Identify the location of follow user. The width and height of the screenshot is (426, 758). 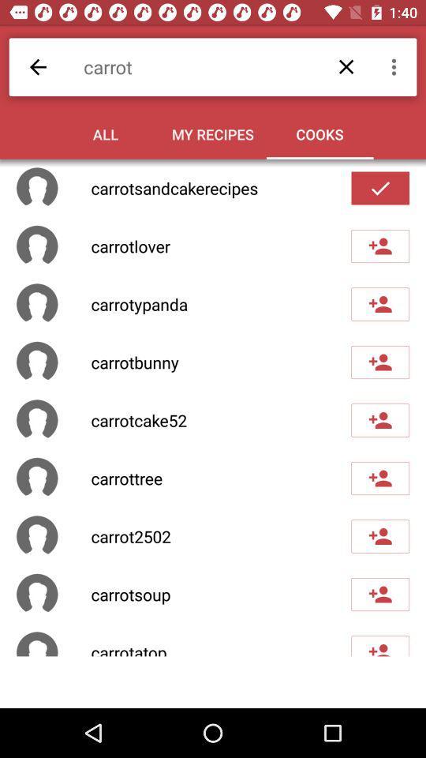
(379, 536).